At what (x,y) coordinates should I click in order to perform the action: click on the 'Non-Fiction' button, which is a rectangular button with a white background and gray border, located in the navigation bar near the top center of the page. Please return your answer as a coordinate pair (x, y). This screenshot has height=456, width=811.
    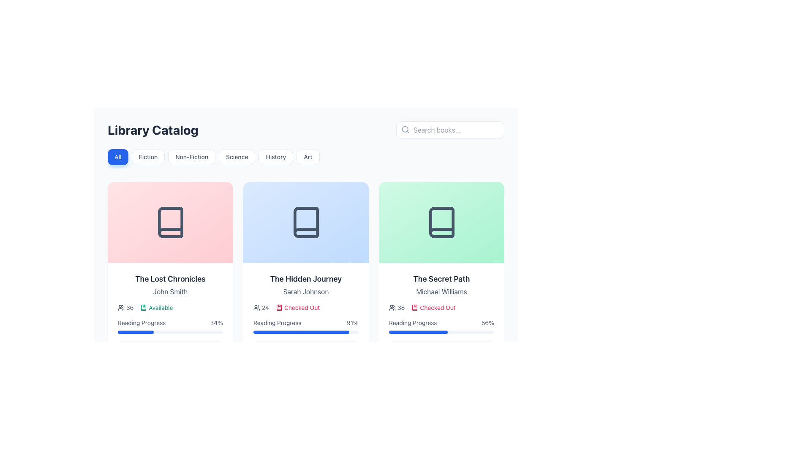
    Looking at the image, I should click on (191, 157).